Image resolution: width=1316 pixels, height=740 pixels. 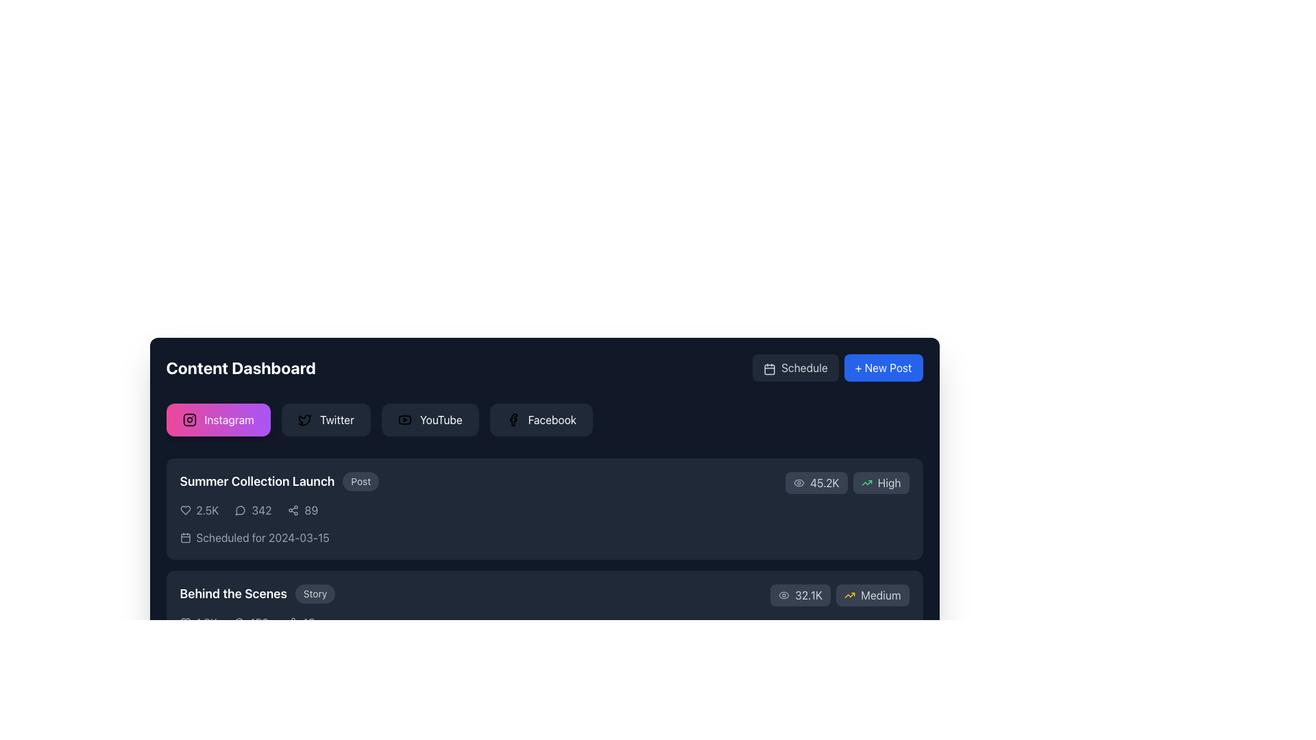 What do you see at coordinates (184, 510) in the screenshot?
I see `the heart-shaped icon indicating likes or favorites, located in the 'Summer Collection Launch' section` at bounding box center [184, 510].